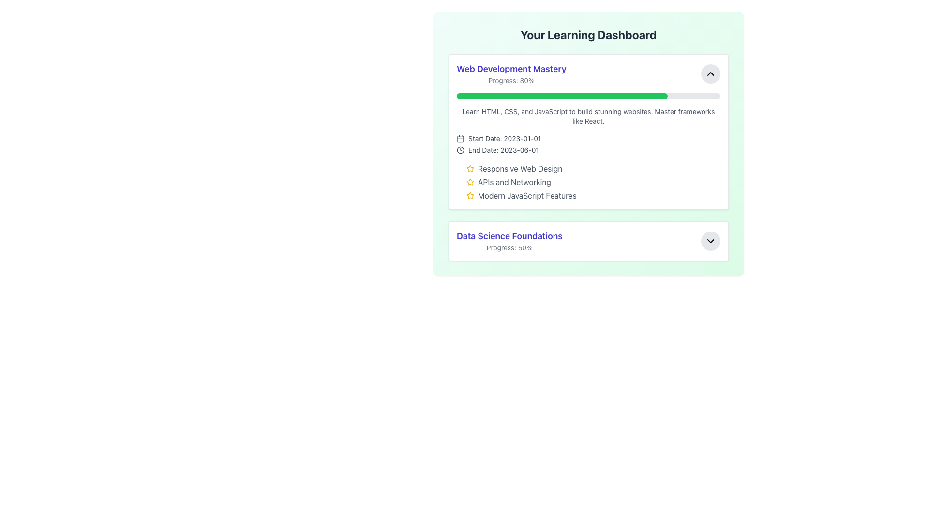 This screenshot has height=522, width=929. What do you see at coordinates (470, 196) in the screenshot?
I see `the icon located immediately to the left of the text 'Modern JavaScript Features'` at bounding box center [470, 196].